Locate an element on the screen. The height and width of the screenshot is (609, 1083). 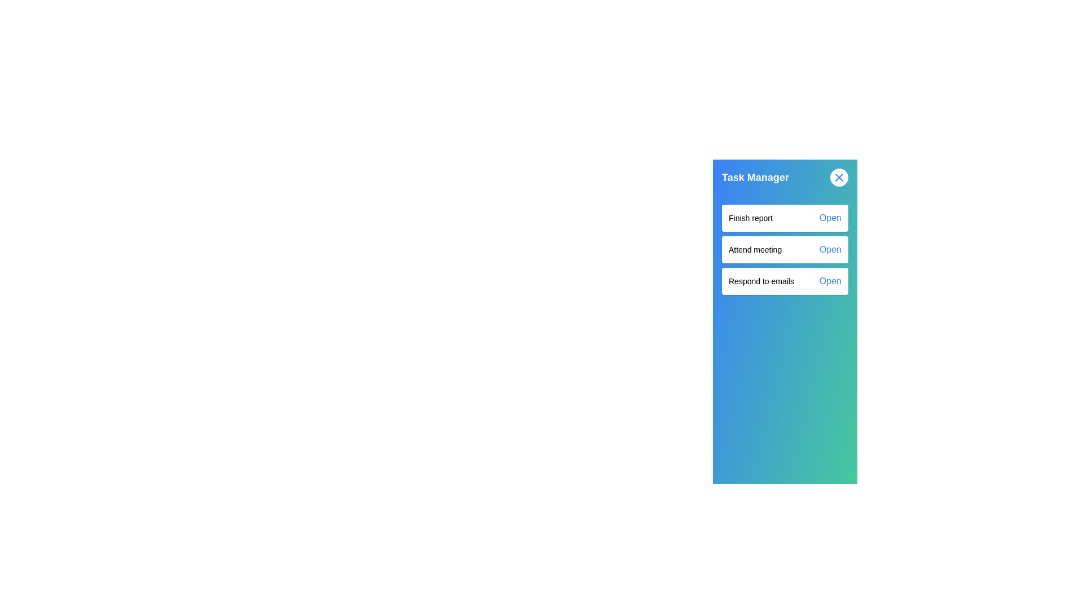
the interactive link located to the right of the text 'Attend meeting' is located at coordinates (830, 249).